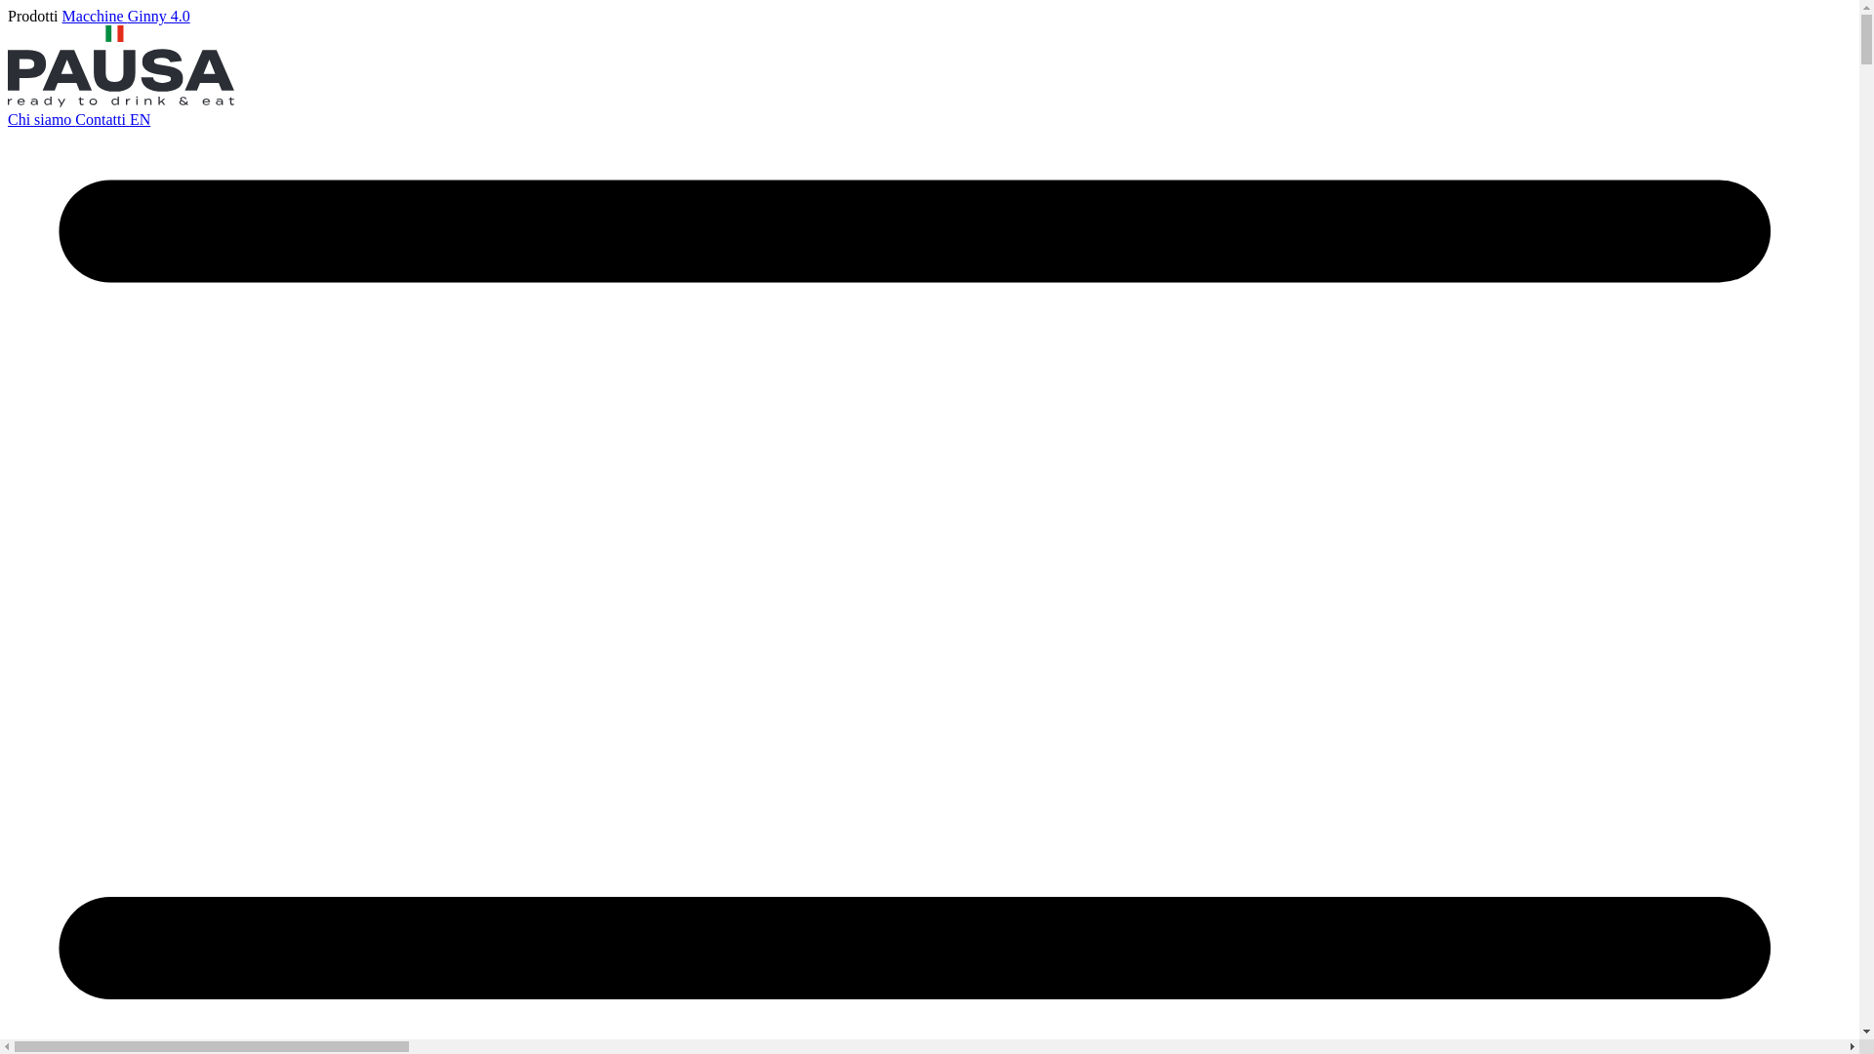  I want to click on 'Contatti', so click(102, 119).